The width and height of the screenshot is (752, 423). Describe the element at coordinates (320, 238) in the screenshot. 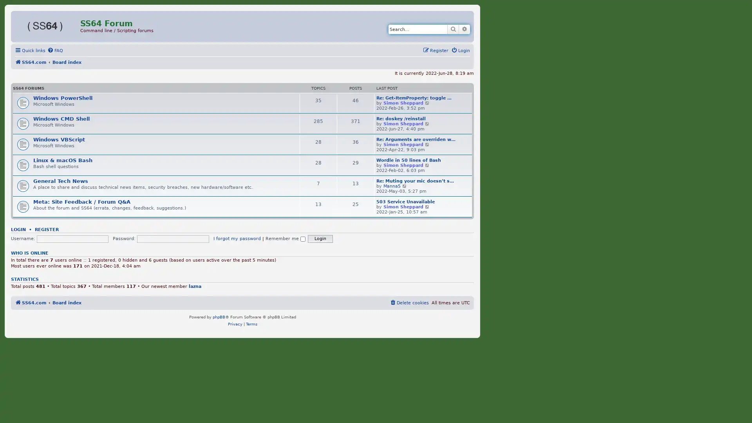

I see `Login` at that location.